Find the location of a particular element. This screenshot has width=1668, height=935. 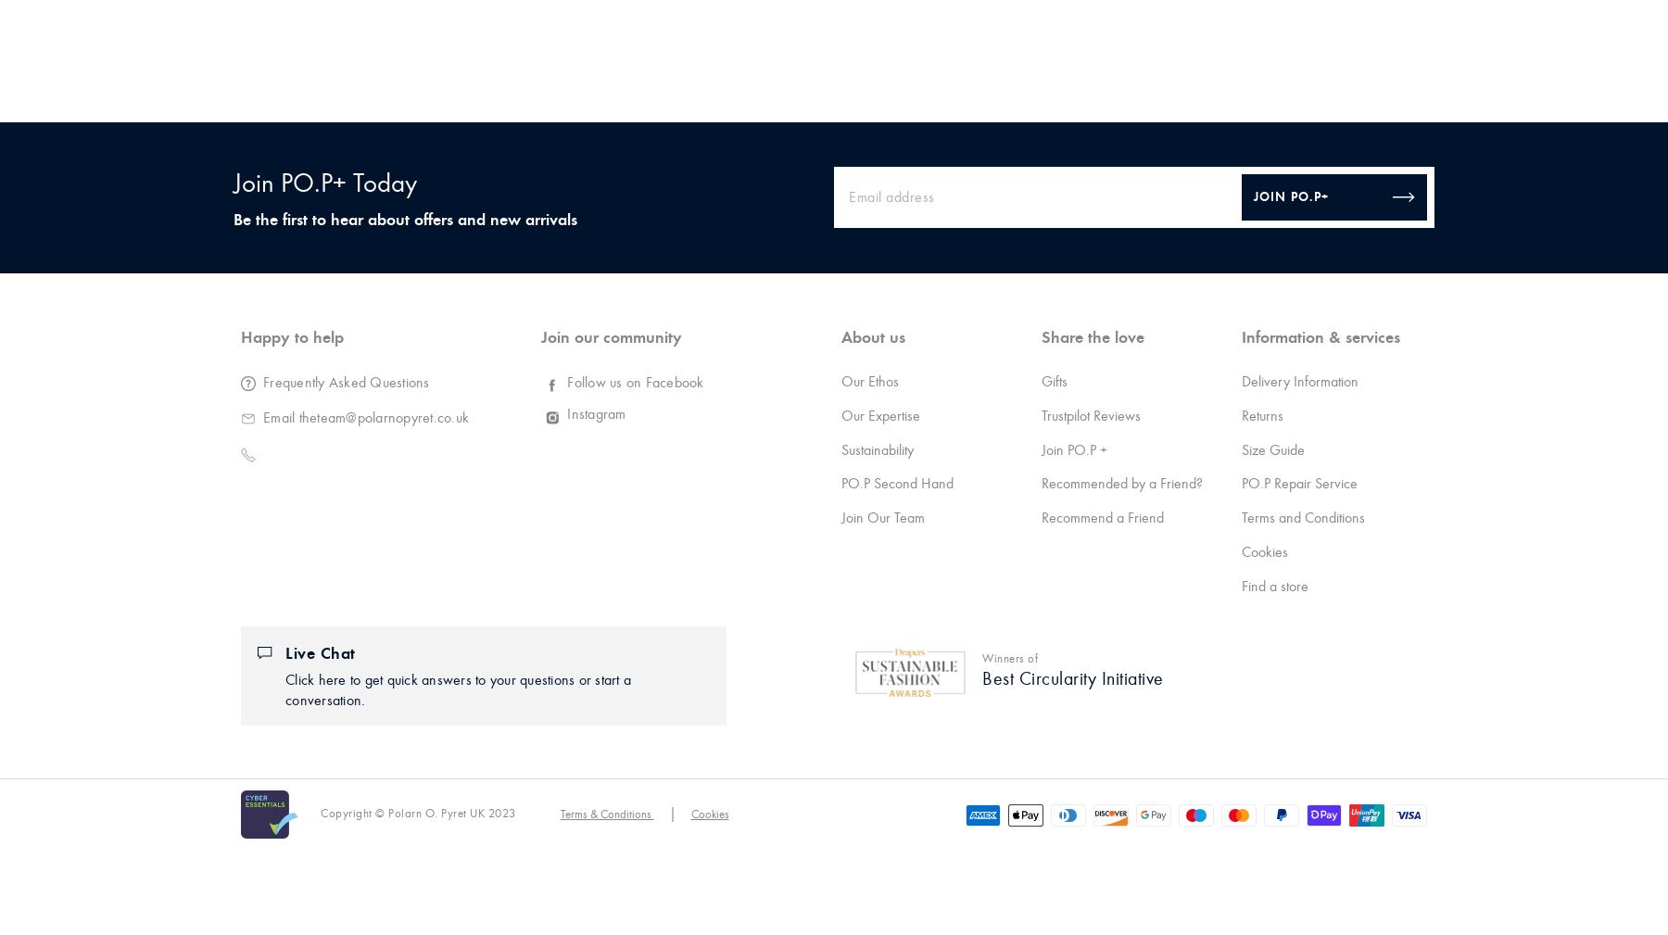

'Recommend a Friend' is located at coordinates (1041, 517).